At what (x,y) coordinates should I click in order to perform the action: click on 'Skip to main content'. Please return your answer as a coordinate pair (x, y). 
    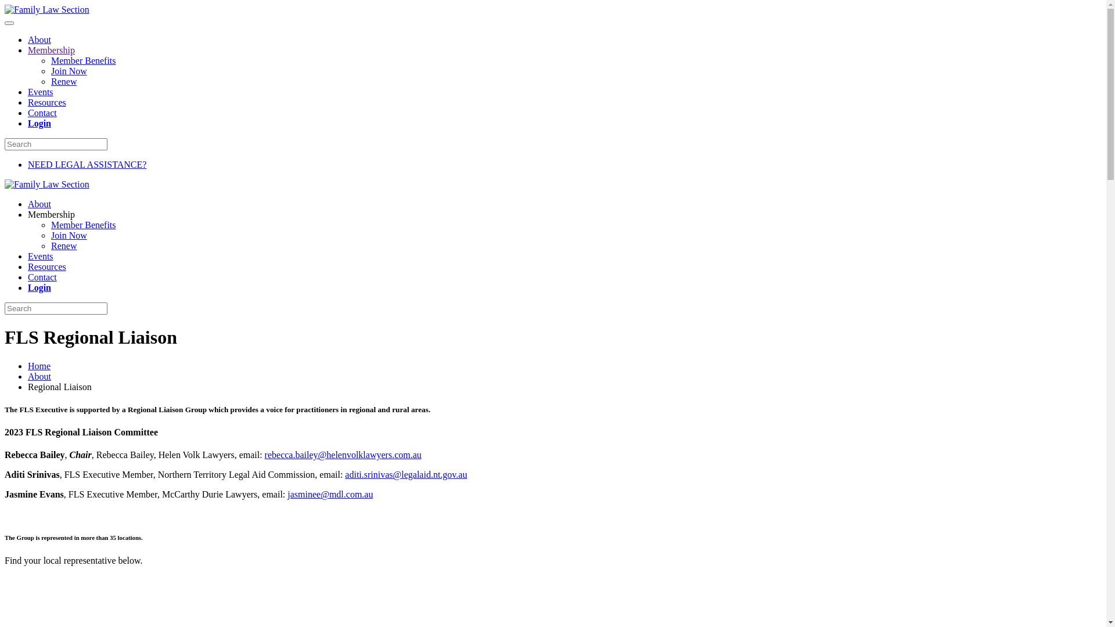
    Looking at the image, I should click on (5, 9).